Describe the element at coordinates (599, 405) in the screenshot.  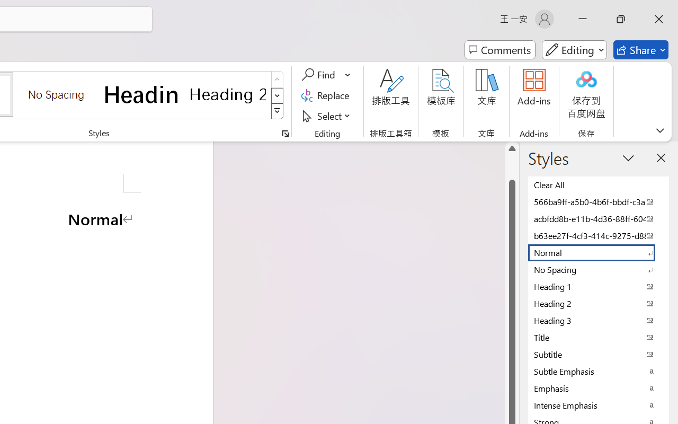
I see `'Intense Emphasis'` at that location.